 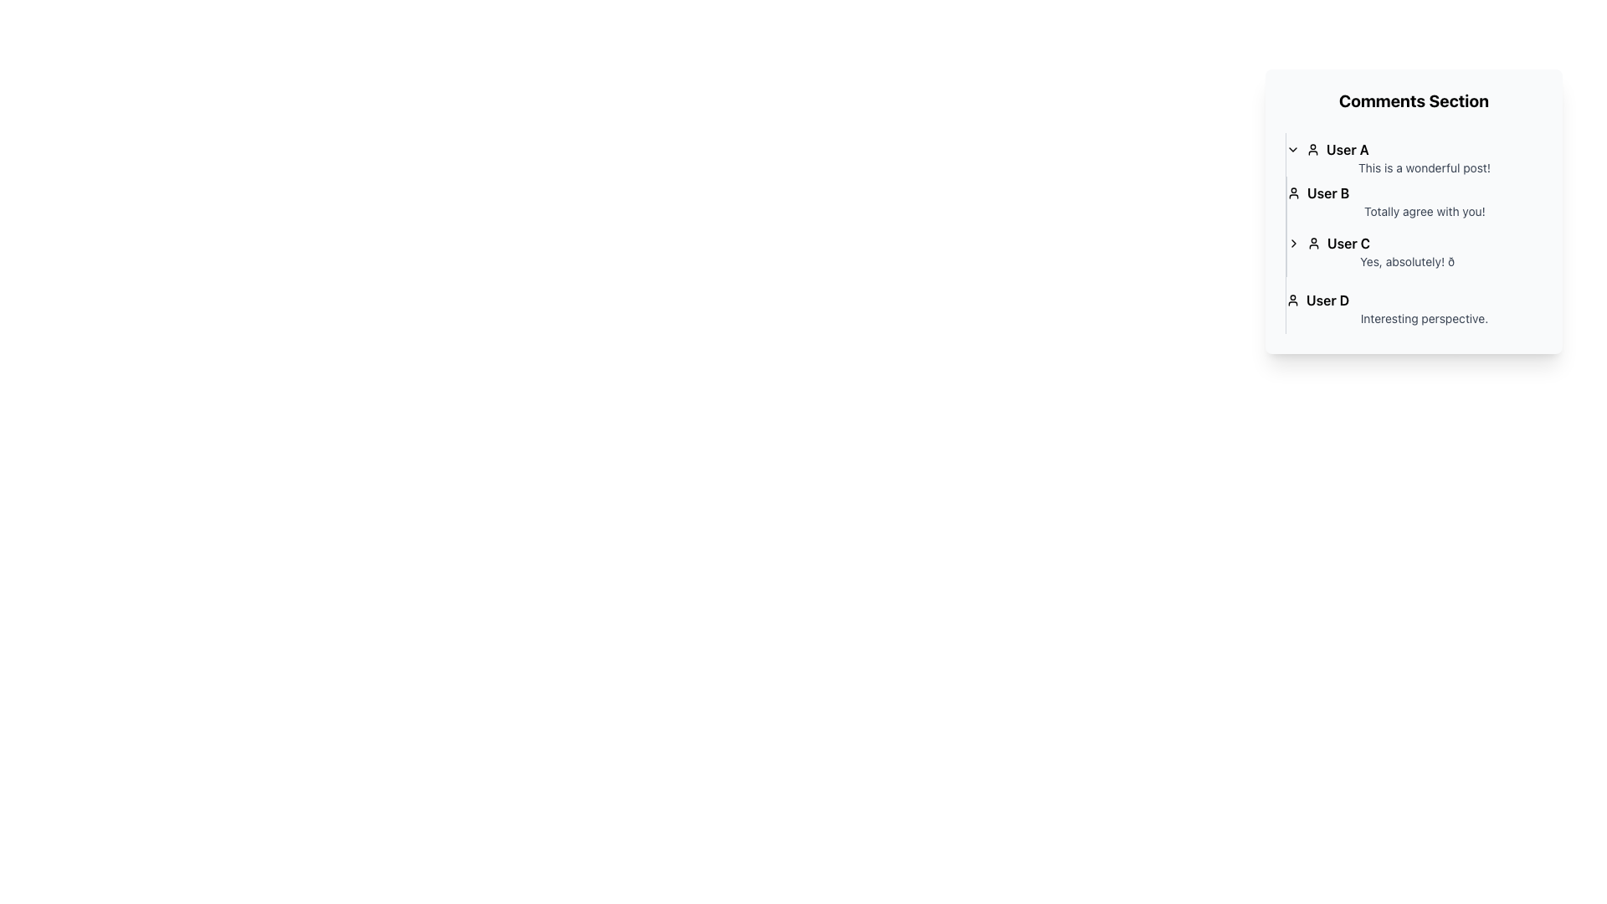 What do you see at coordinates (1413, 233) in the screenshot?
I see `the third comment in the 'Comments Section'` at bounding box center [1413, 233].